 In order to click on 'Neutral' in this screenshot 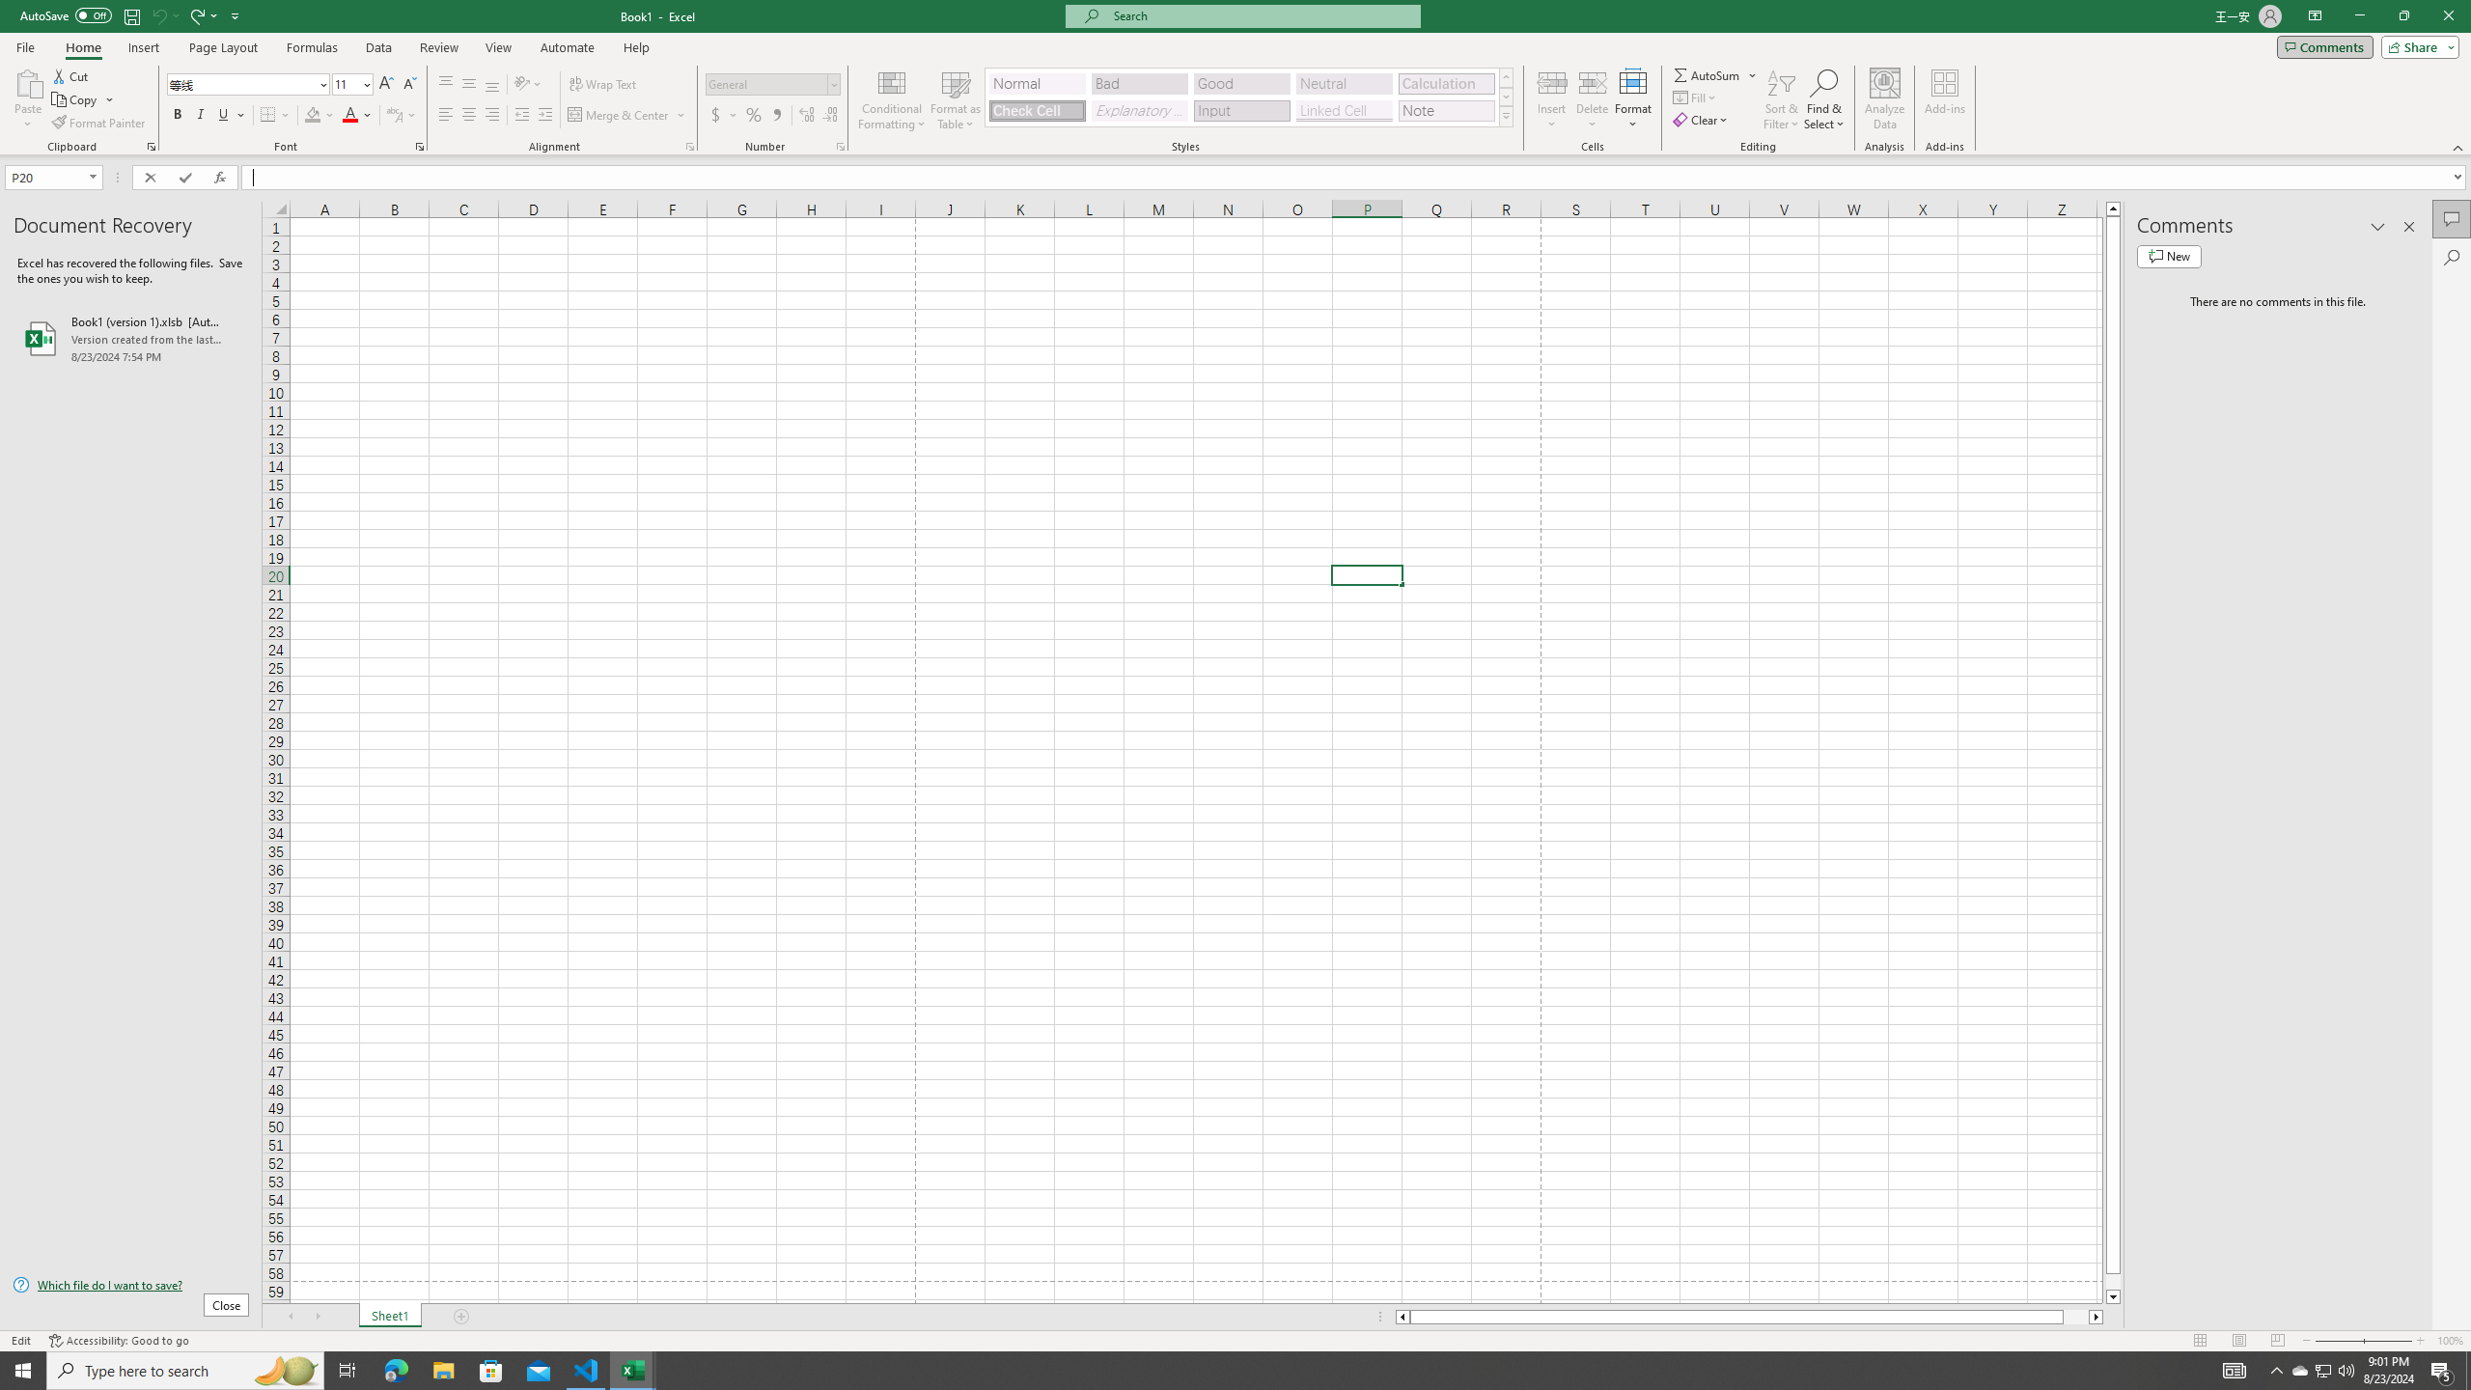, I will do `click(1343, 84)`.